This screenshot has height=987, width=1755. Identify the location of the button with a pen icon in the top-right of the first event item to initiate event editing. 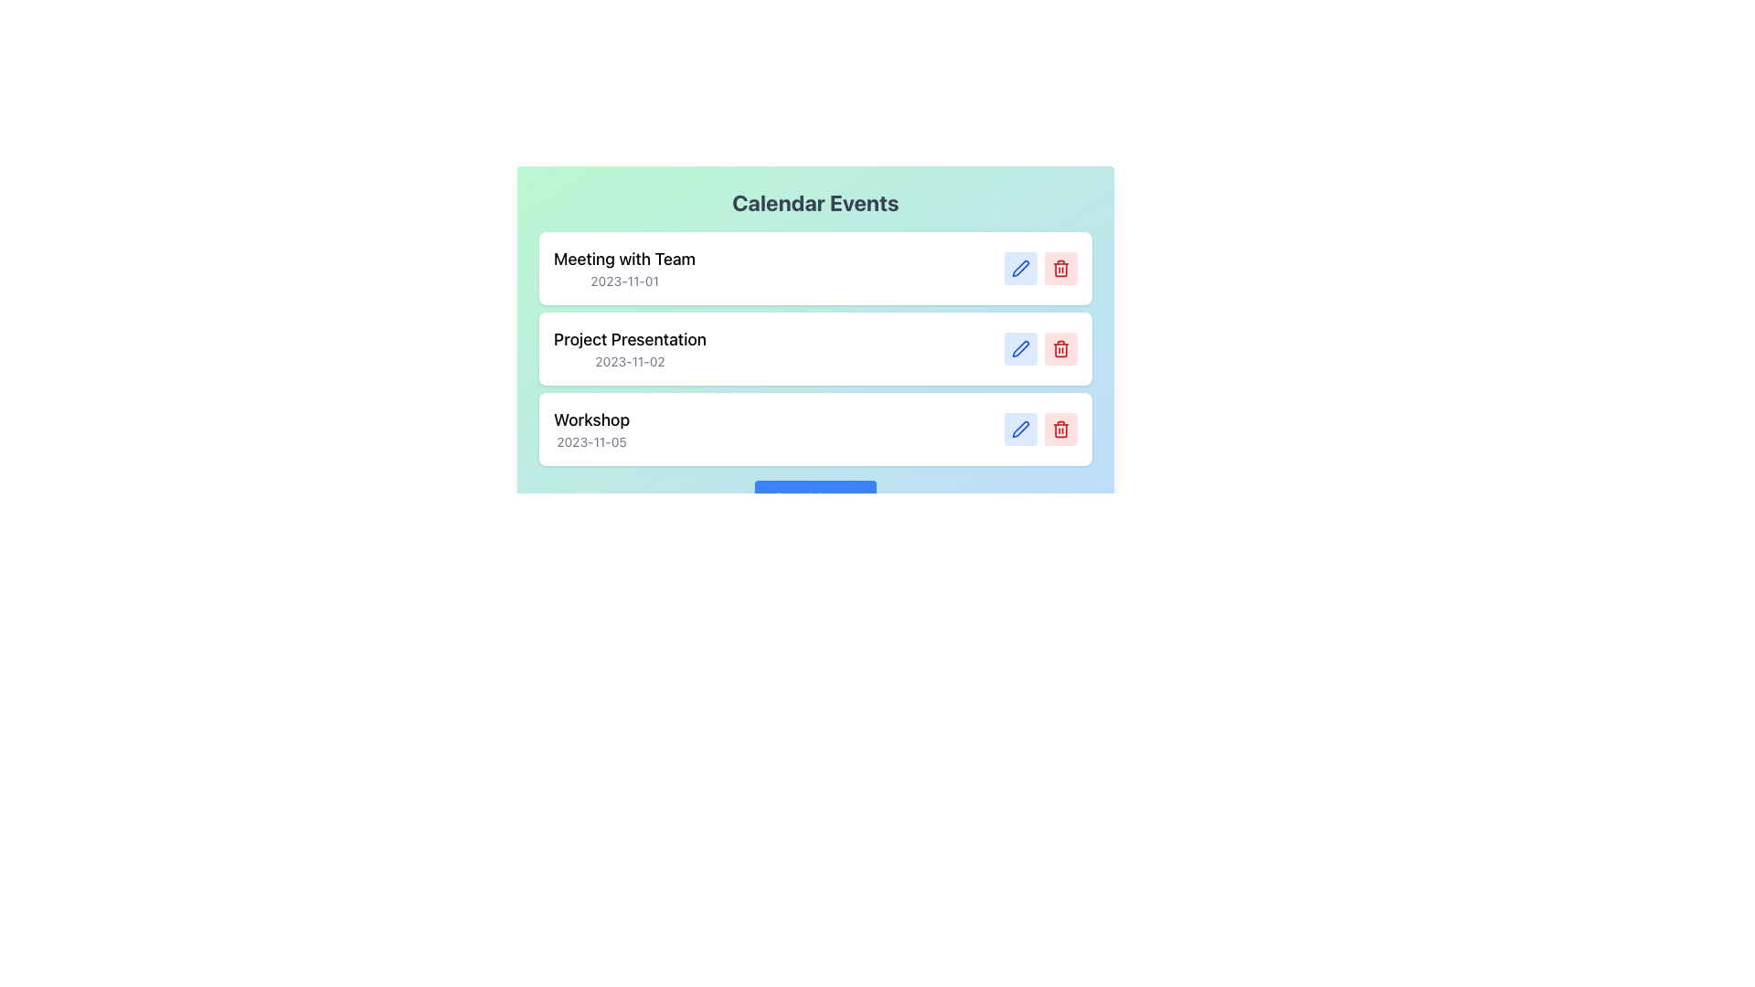
(1020, 268).